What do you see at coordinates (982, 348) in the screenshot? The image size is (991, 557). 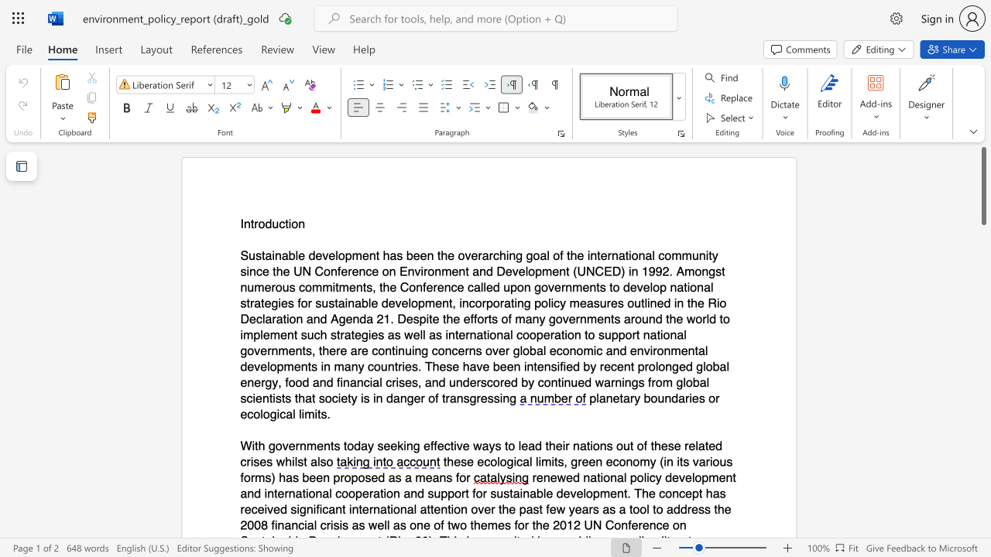 I see `the scrollbar to adjust the page downward` at bounding box center [982, 348].